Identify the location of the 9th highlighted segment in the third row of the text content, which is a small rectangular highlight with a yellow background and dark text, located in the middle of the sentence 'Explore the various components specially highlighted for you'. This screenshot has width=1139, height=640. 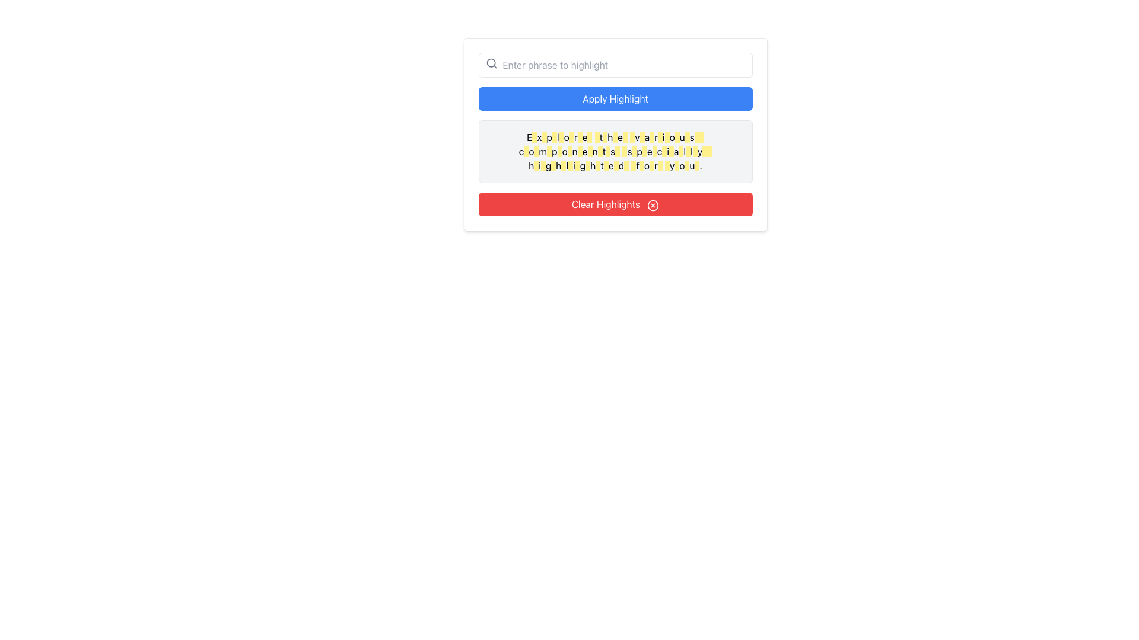
(606, 166).